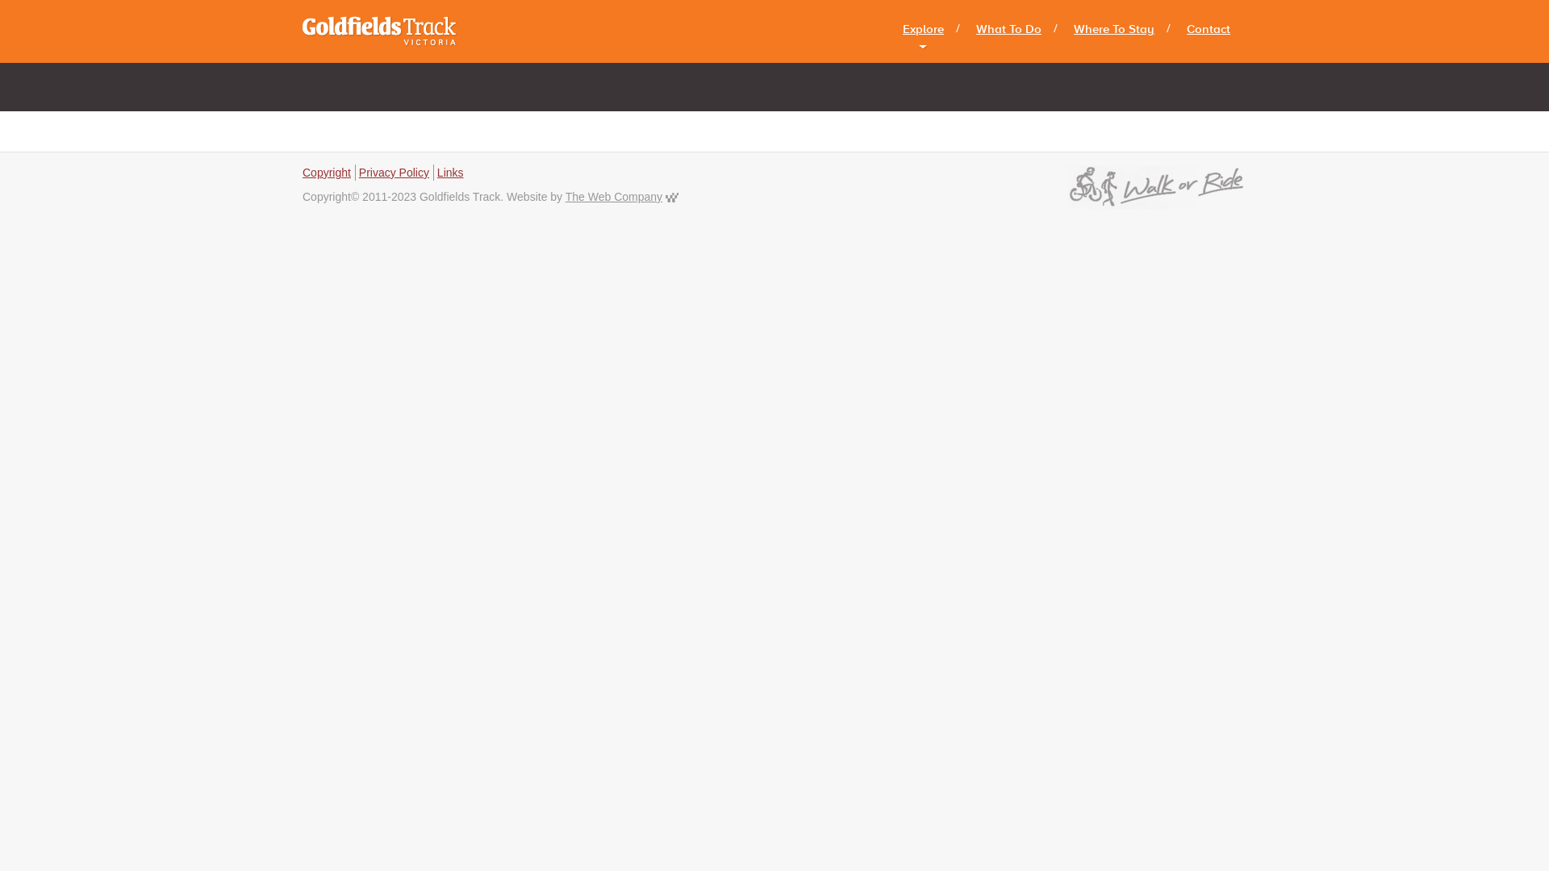 Image resolution: width=1549 pixels, height=871 pixels. What do you see at coordinates (1113, 29) in the screenshot?
I see `'Where To Stay'` at bounding box center [1113, 29].